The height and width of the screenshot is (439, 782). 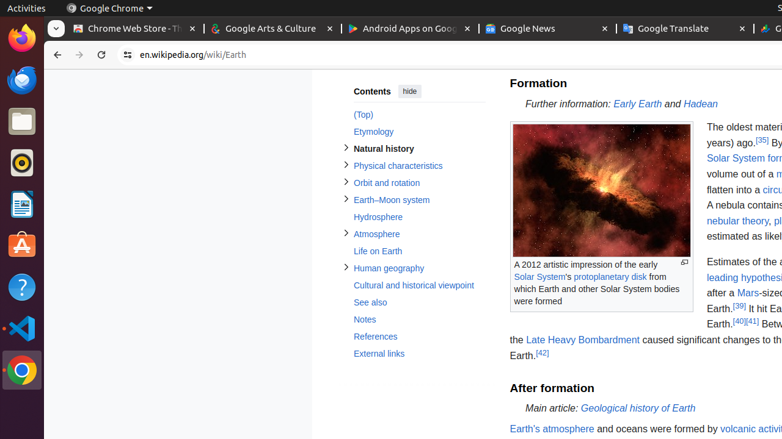 I want to click on 'Rhythmbox', so click(x=21, y=162).